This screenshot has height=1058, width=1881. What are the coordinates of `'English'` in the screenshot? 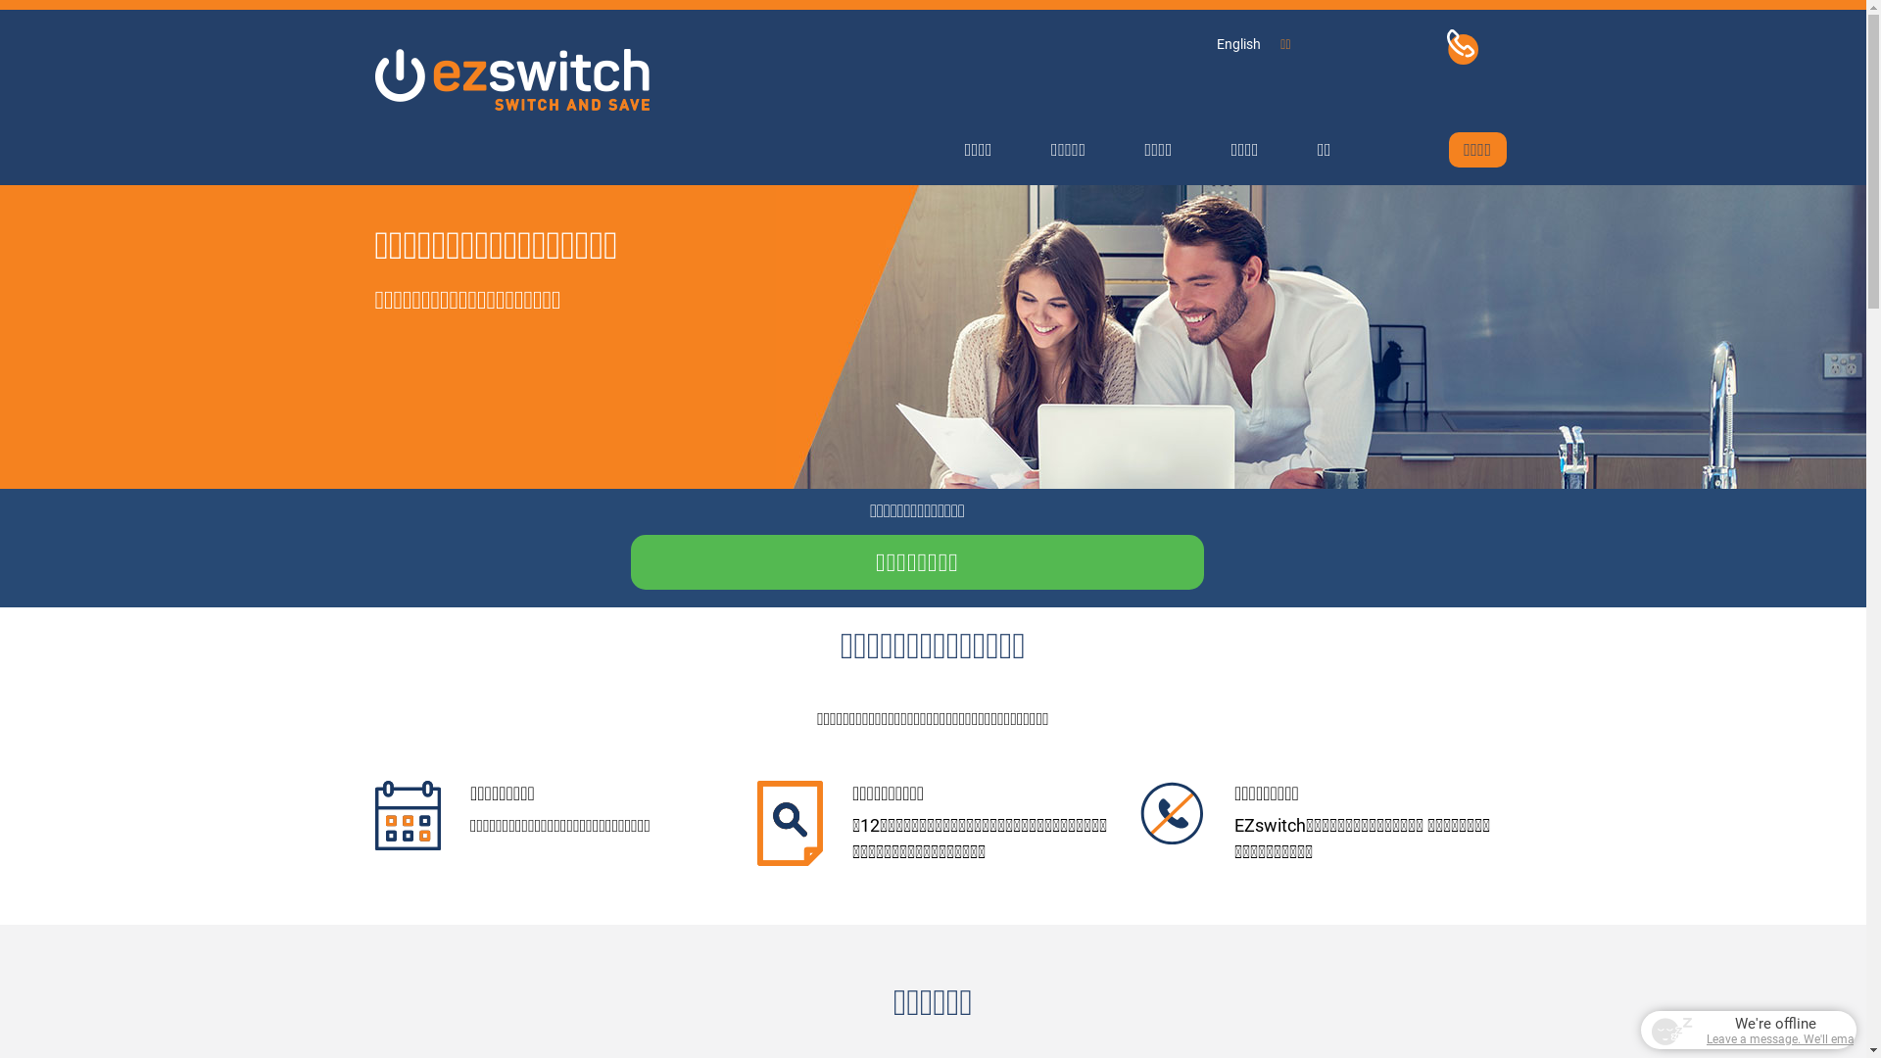 It's located at (1237, 44).